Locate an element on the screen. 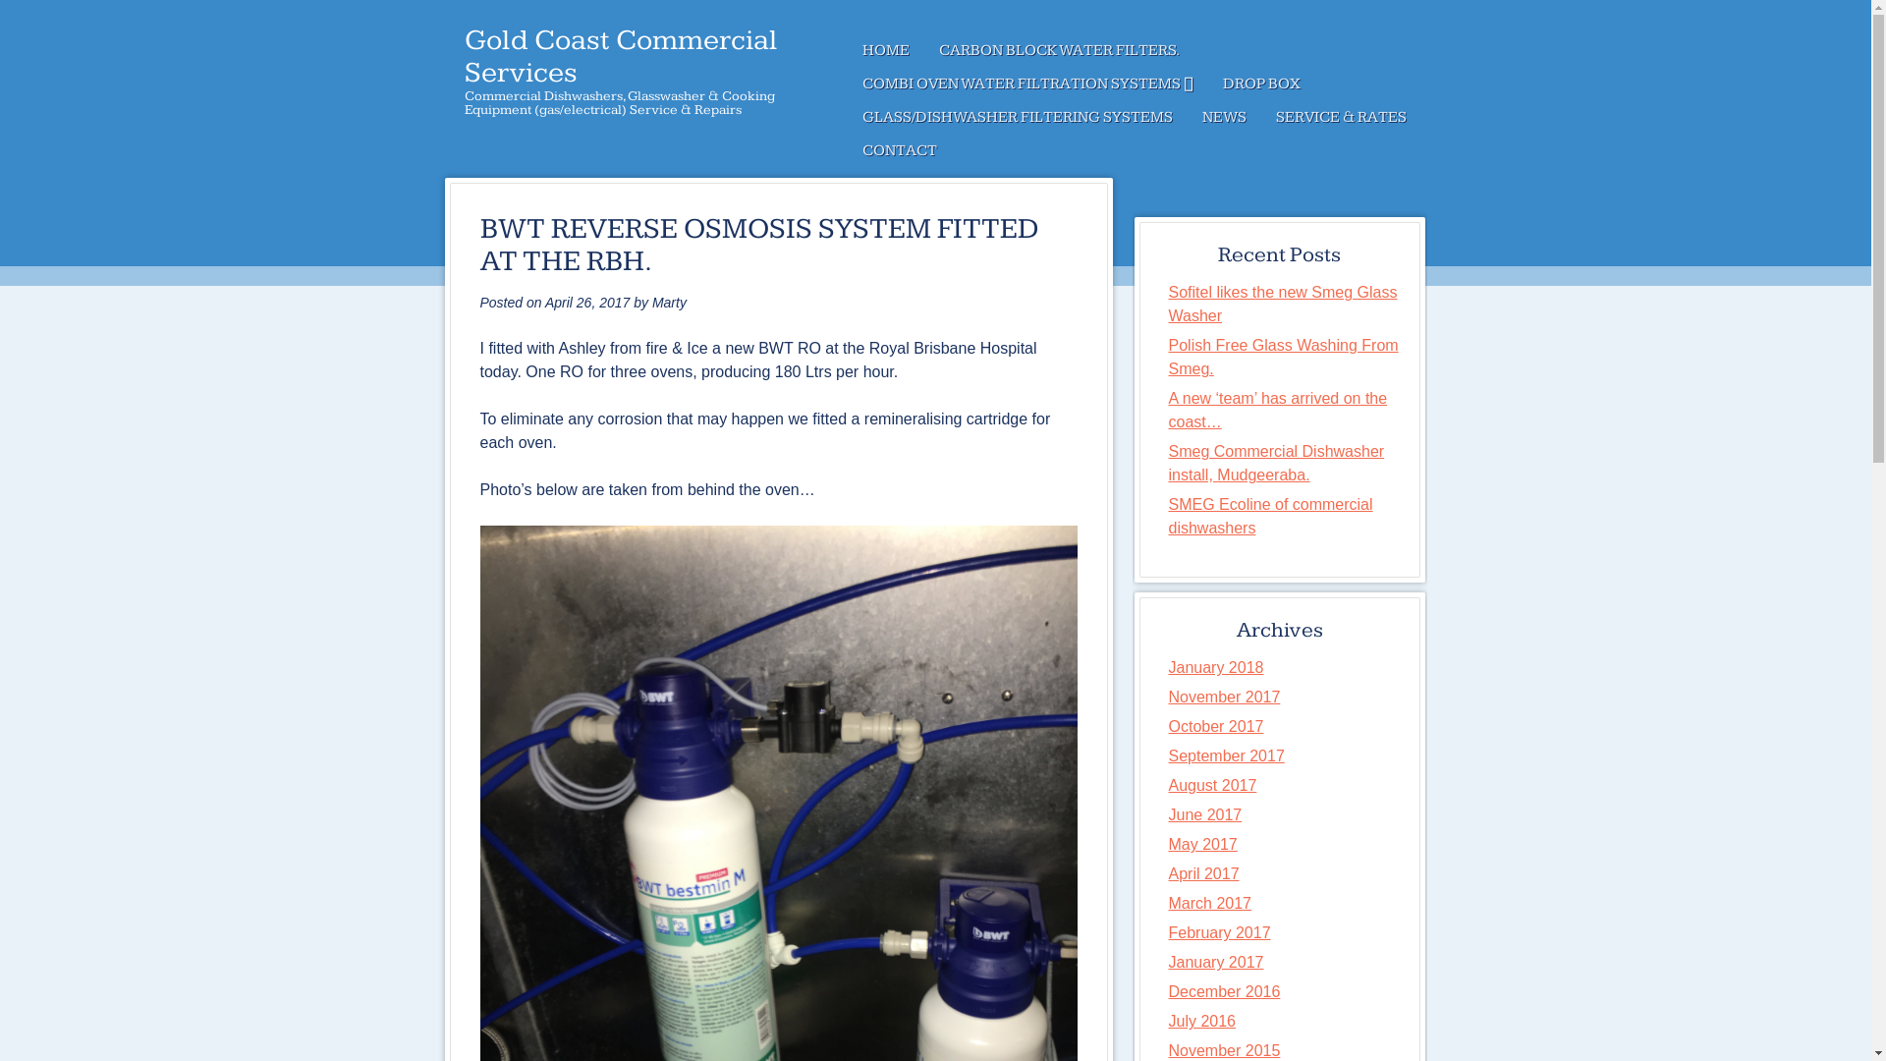  'January 2018' is located at coordinates (1215, 666).